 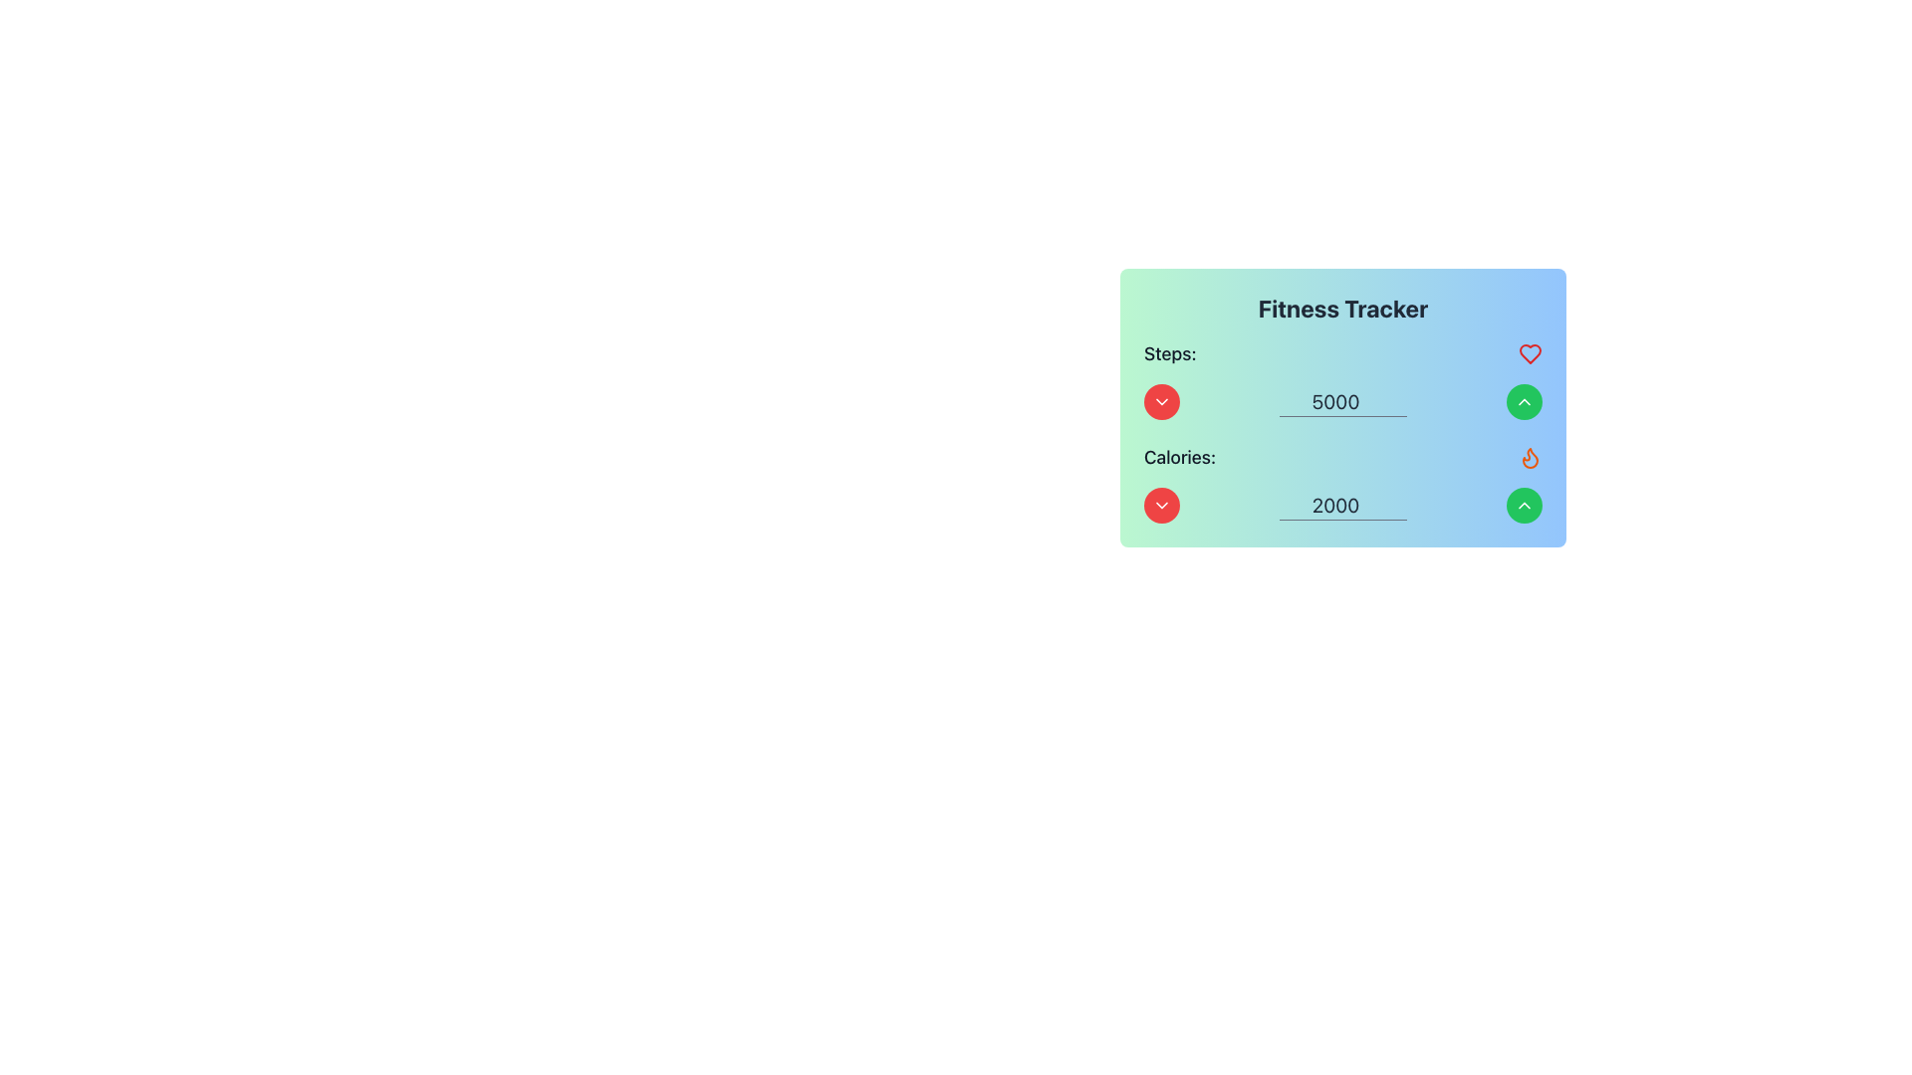 What do you see at coordinates (1342, 352) in the screenshot?
I see `the 'Steps:' text label with a red heart icon` at bounding box center [1342, 352].